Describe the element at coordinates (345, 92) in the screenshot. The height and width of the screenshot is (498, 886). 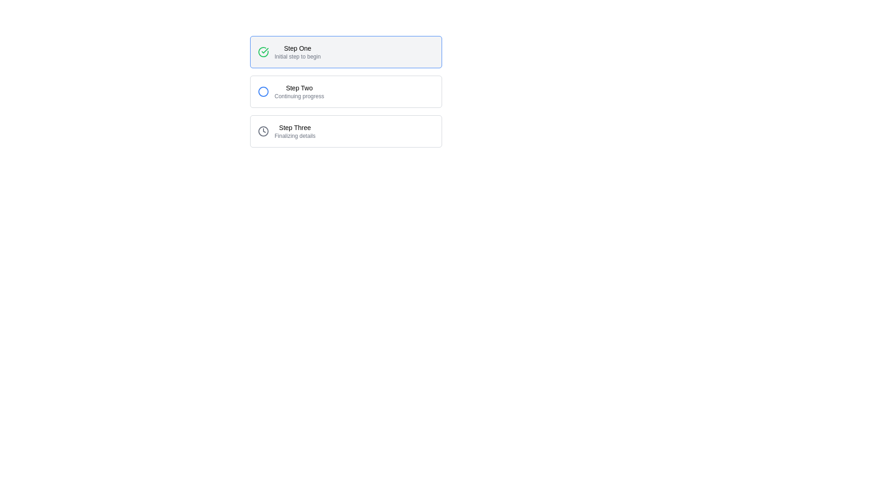
I see `the second step indicator in the sequence, which is positioned below 'Step One' and above 'Step Three'` at that location.